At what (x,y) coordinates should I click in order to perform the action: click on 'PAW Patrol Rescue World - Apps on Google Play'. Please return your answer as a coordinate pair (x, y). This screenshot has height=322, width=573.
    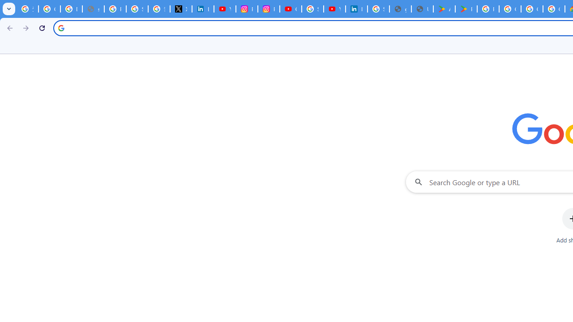
    Looking at the image, I should click on (466, 9).